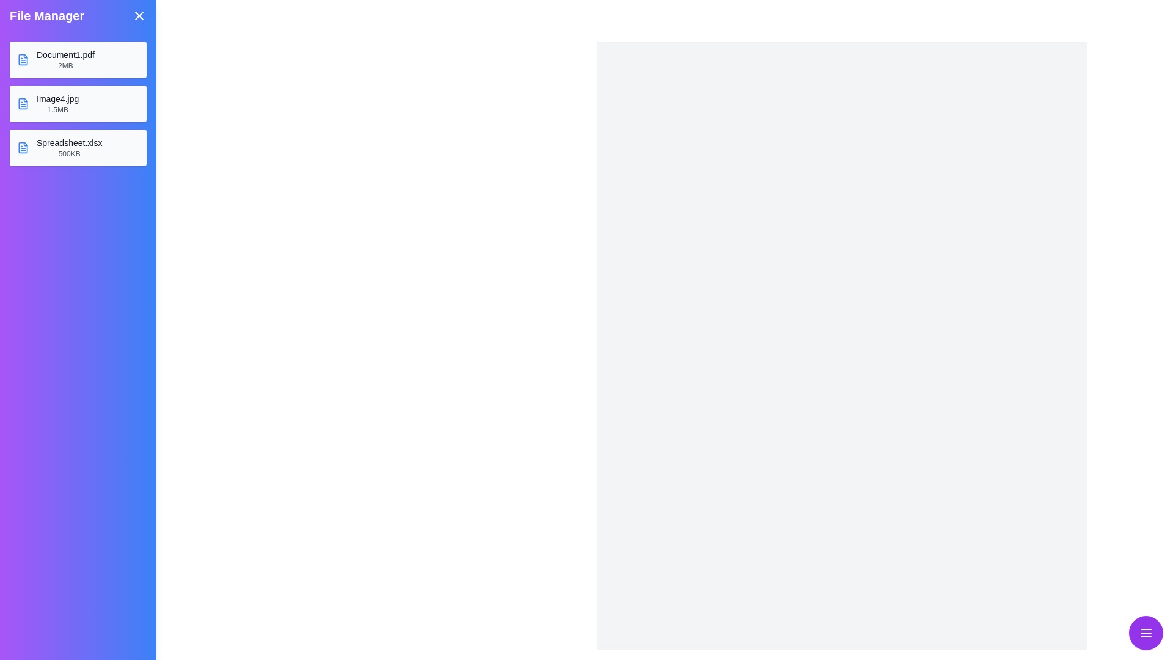 Image resolution: width=1173 pixels, height=660 pixels. Describe the element at coordinates (68, 147) in the screenshot. I see `the Informational Text Block displaying details of 'Spreadsheet.xlsx'` at that location.